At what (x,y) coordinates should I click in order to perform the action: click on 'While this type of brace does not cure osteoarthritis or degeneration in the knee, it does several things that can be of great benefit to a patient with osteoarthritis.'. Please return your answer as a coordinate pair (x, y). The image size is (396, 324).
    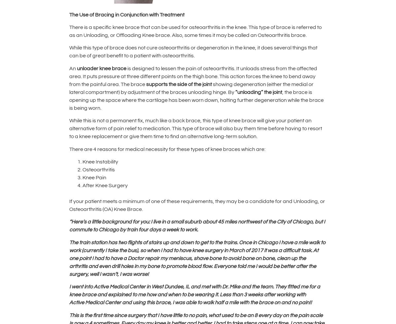
    Looking at the image, I should click on (69, 51).